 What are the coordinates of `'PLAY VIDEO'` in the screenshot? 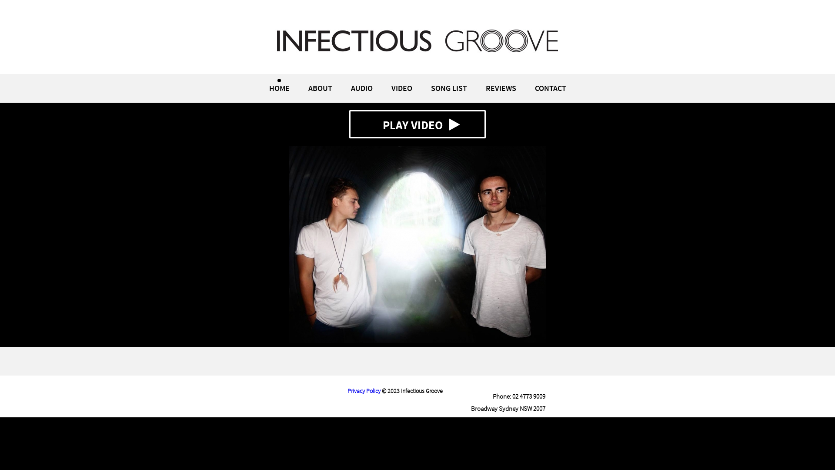 It's located at (417, 124).